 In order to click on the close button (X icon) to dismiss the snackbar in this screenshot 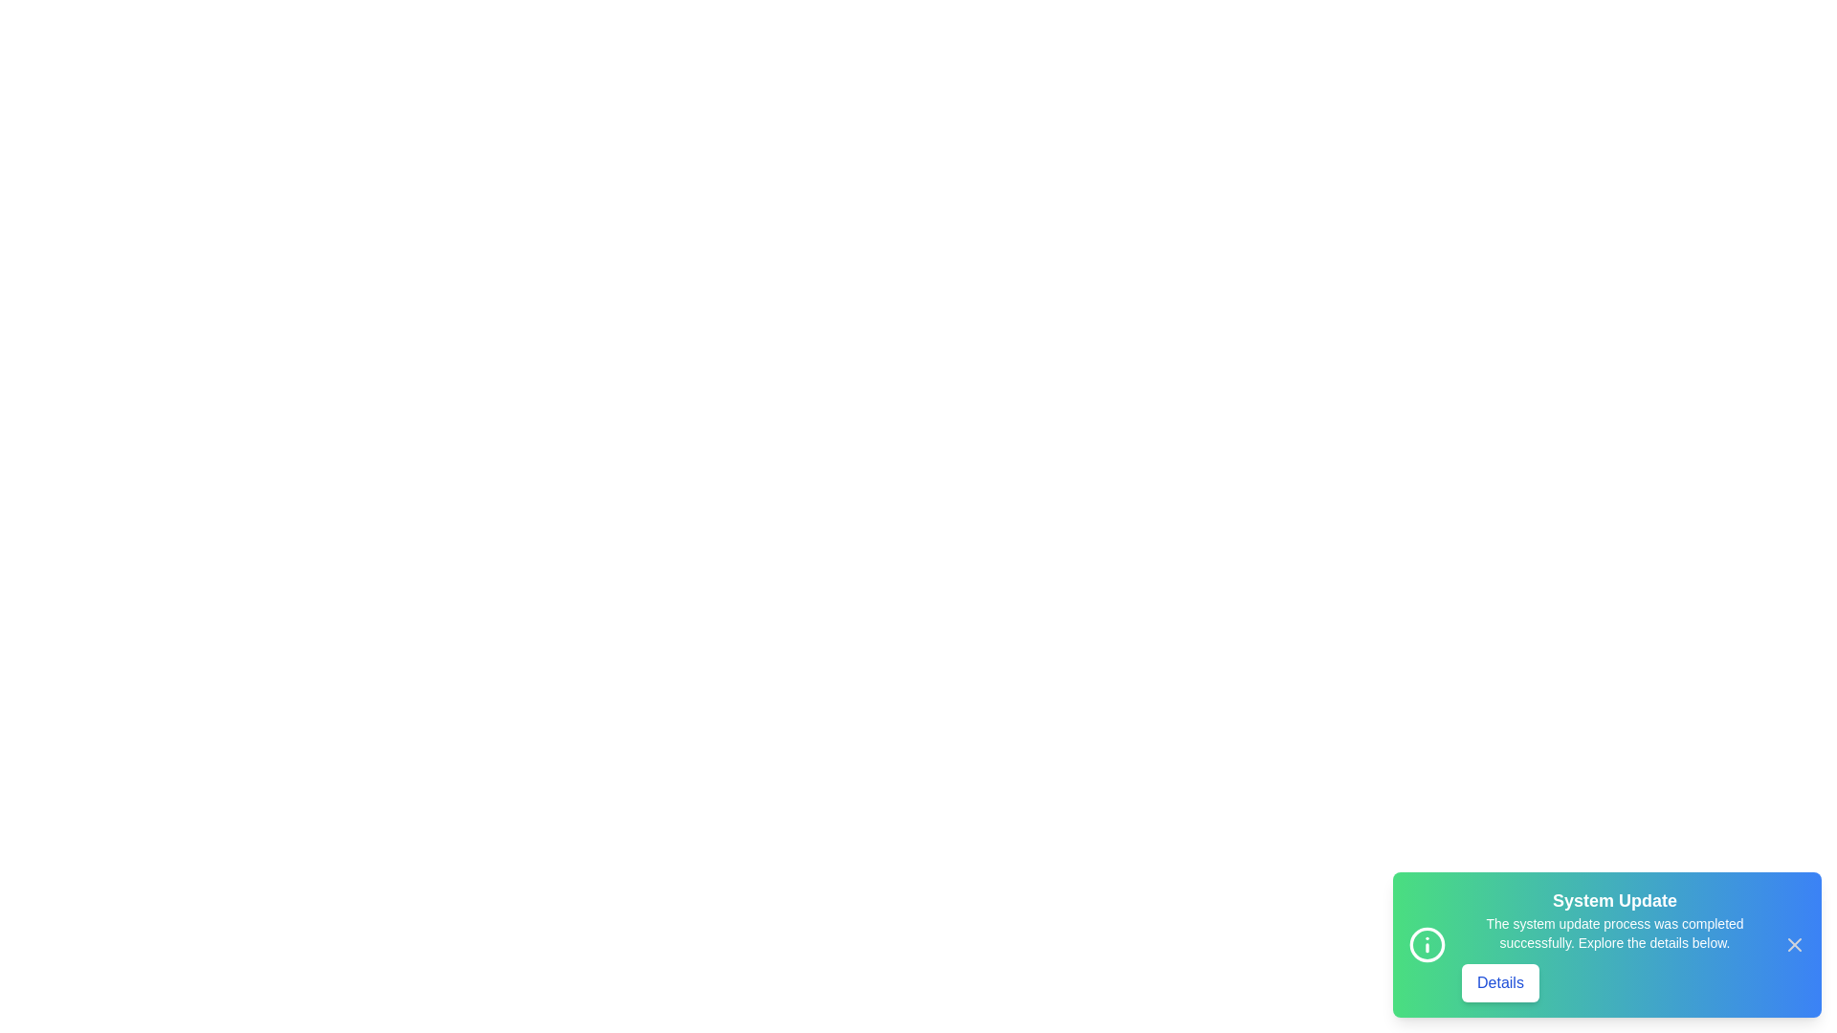, I will do `click(1794, 943)`.